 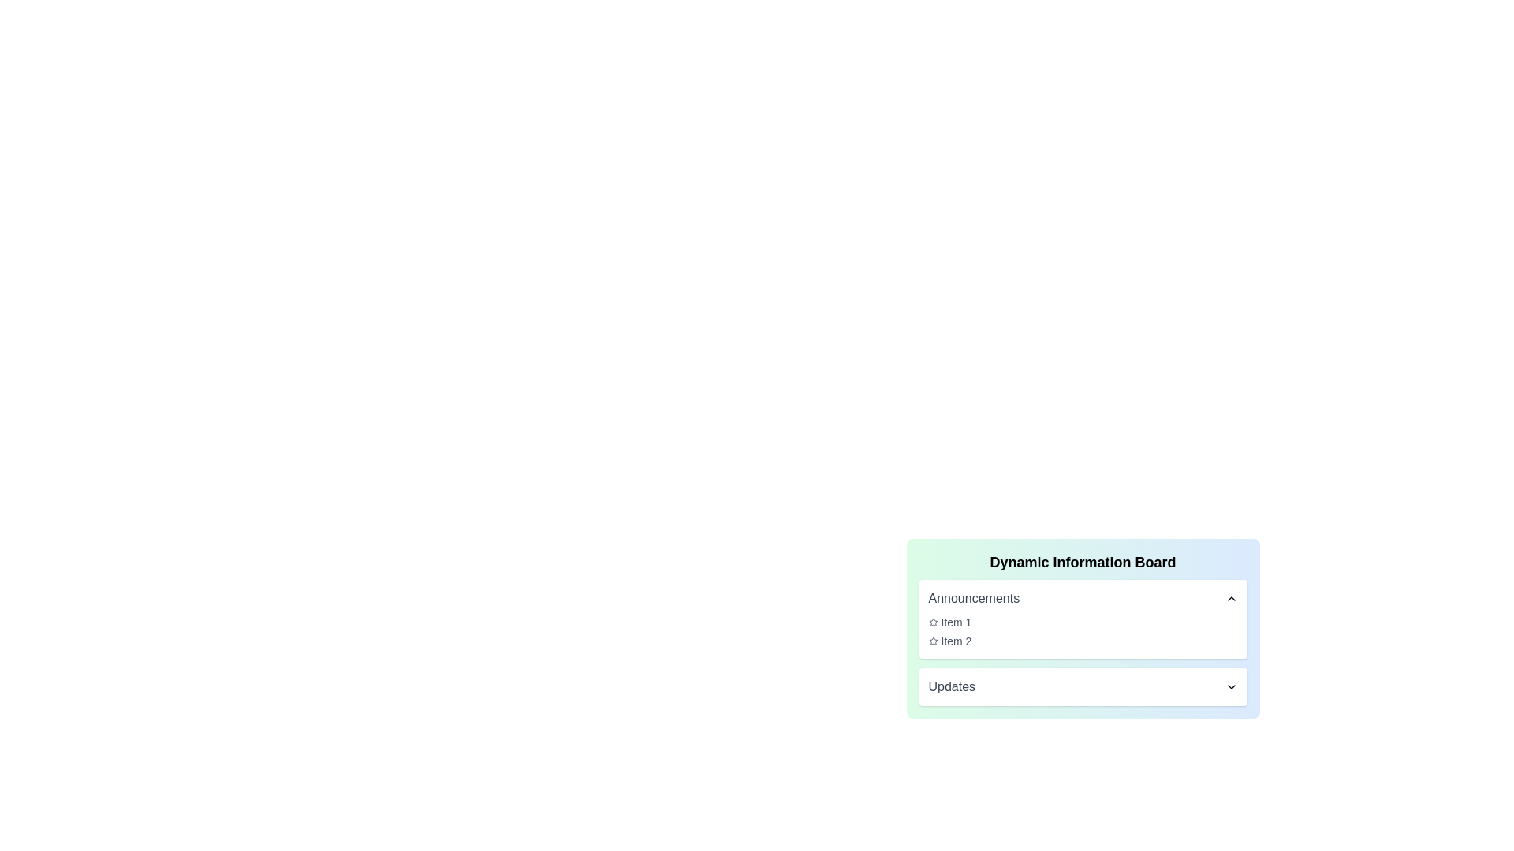 I want to click on the list item Item 1 in the DynamicNestedList component, so click(x=1082, y=622).